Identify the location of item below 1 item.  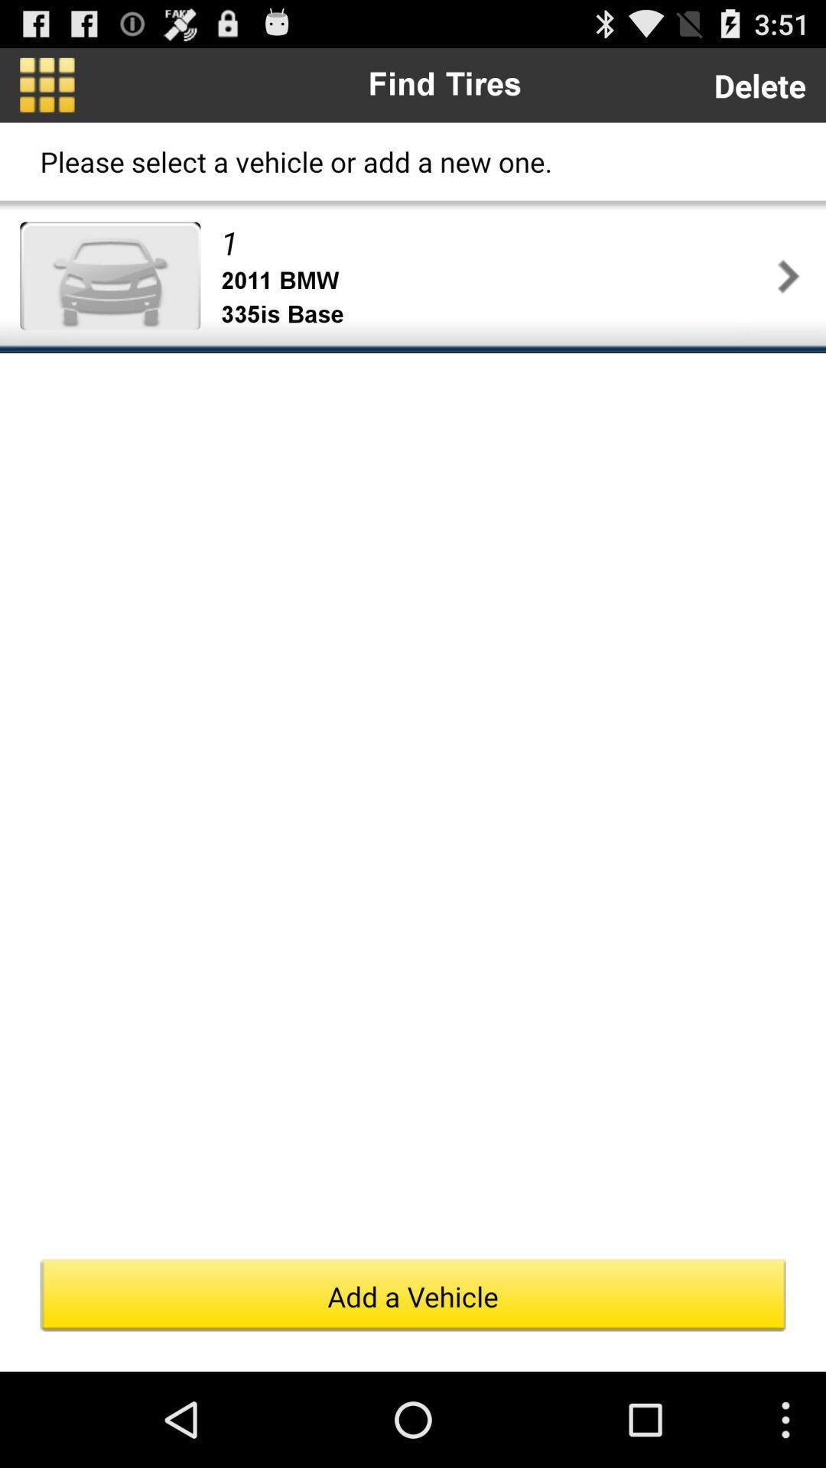
(496, 281).